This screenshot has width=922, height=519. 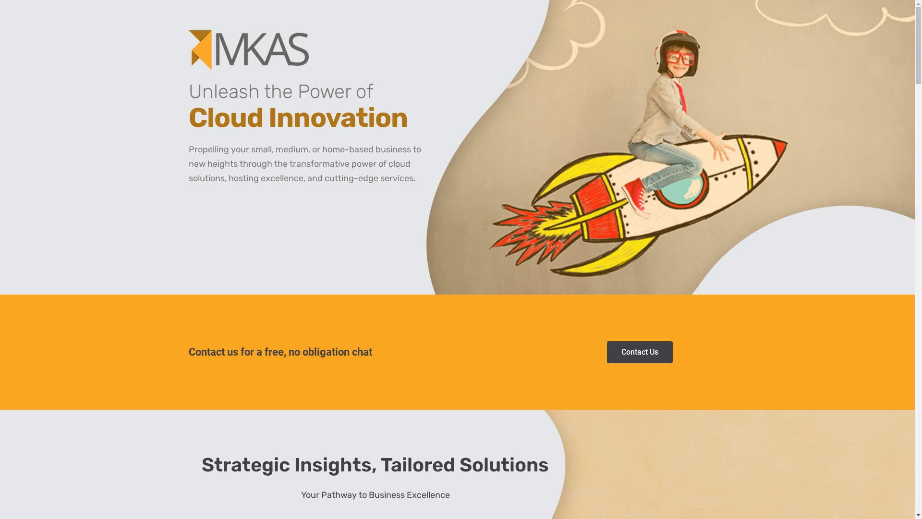 What do you see at coordinates (640, 352) in the screenshot?
I see `'Contact Us'` at bounding box center [640, 352].